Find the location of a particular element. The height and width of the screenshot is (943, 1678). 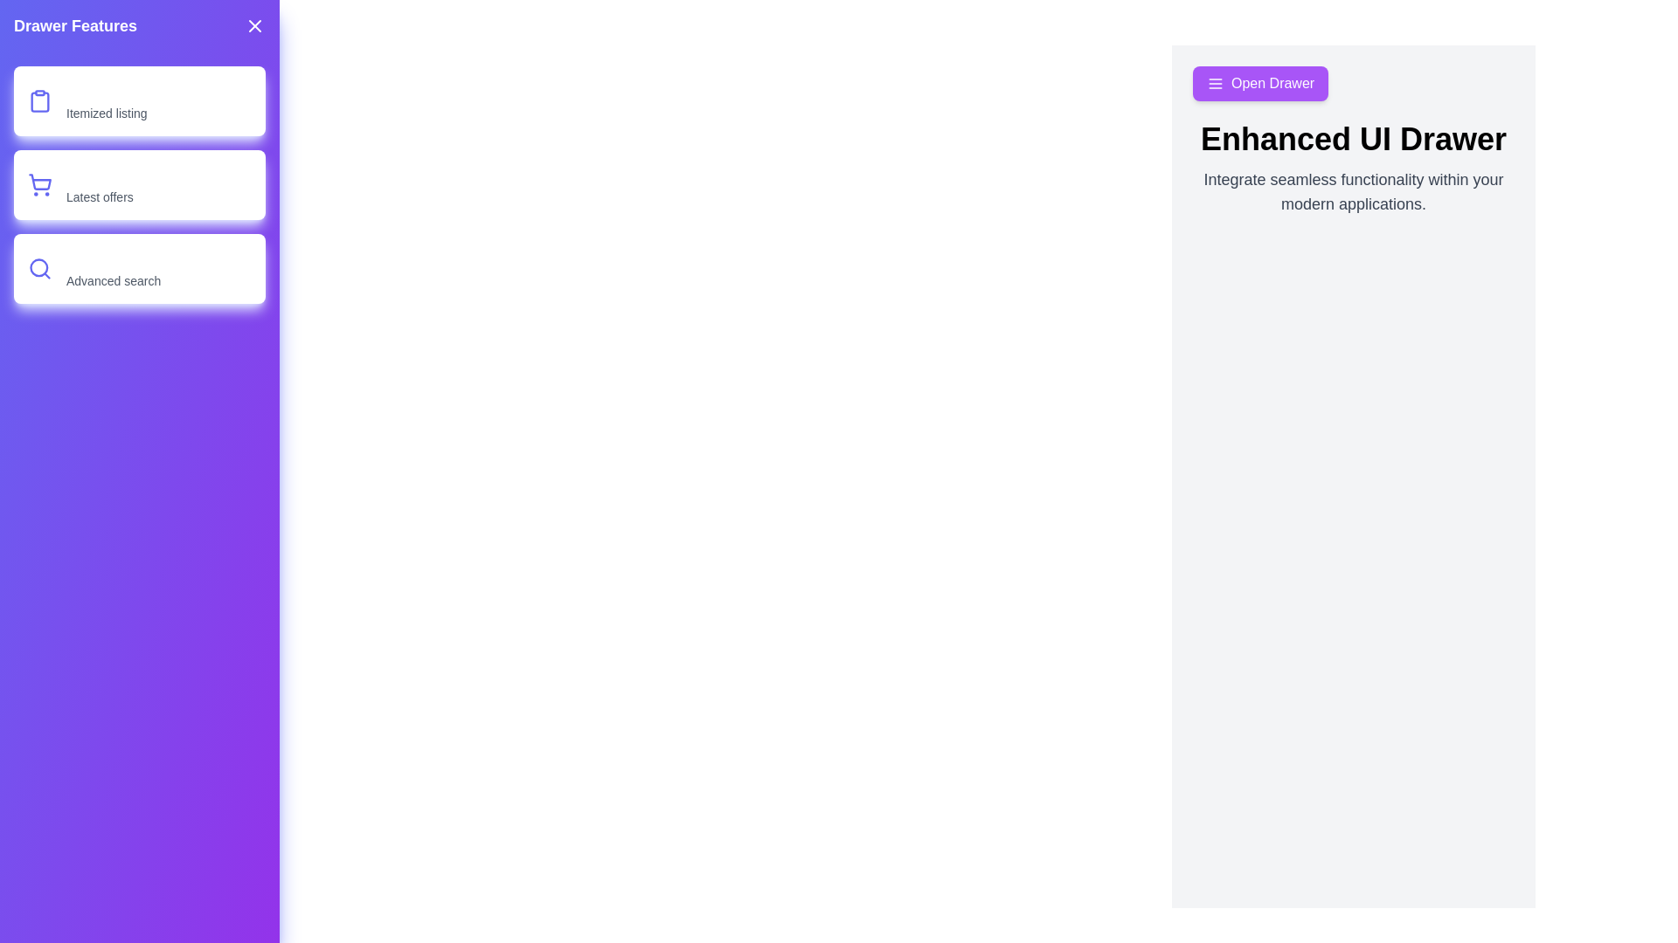

the main content area and highlight its textual content is located at coordinates (1353, 191).